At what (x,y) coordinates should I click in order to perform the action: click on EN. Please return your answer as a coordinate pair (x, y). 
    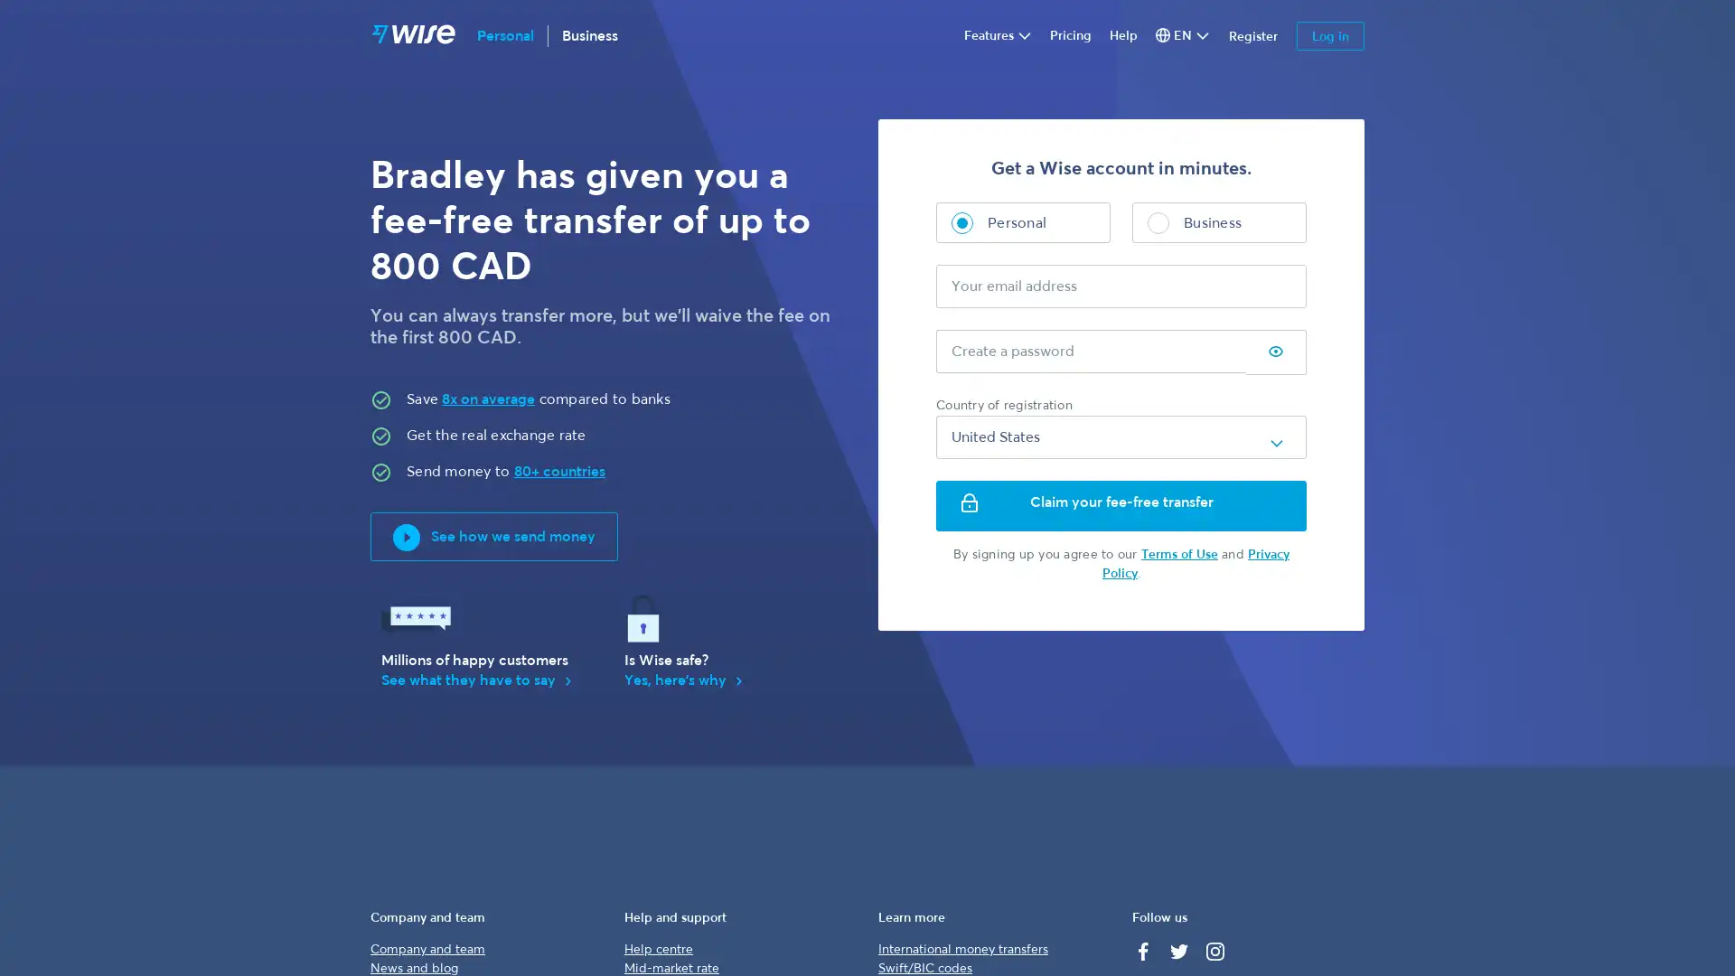
    Looking at the image, I should click on (1183, 35).